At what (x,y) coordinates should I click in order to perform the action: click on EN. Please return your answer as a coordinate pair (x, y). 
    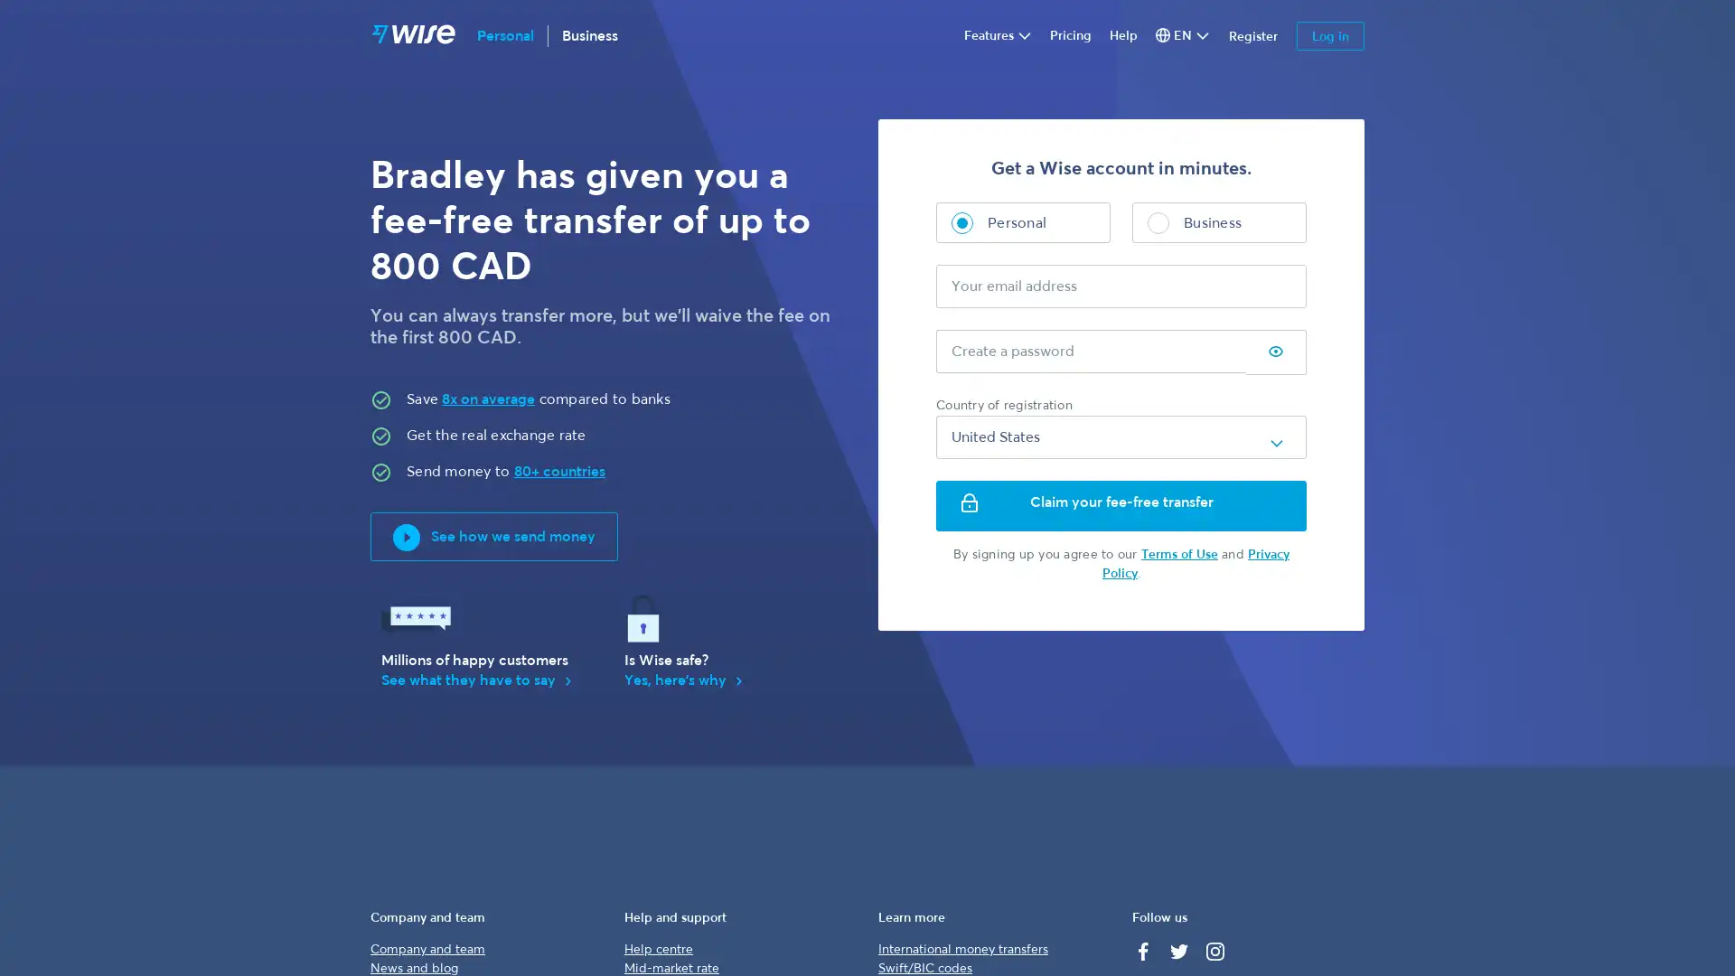
    Looking at the image, I should click on (1183, 35).